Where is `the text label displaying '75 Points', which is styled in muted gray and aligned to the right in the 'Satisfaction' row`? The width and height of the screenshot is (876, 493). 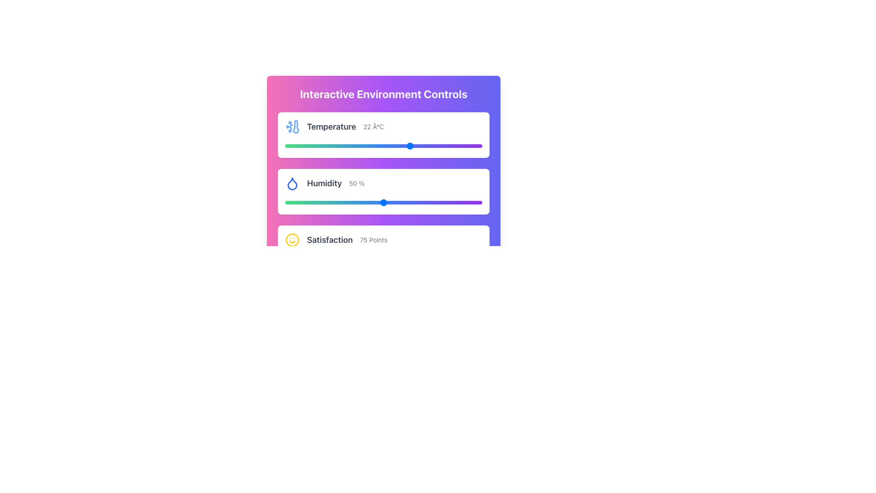 the text label displaying '75 Points', which is styled in muted gray and aligned to the right in the 'Satisfaction' row is located at coordinates (374, 239).